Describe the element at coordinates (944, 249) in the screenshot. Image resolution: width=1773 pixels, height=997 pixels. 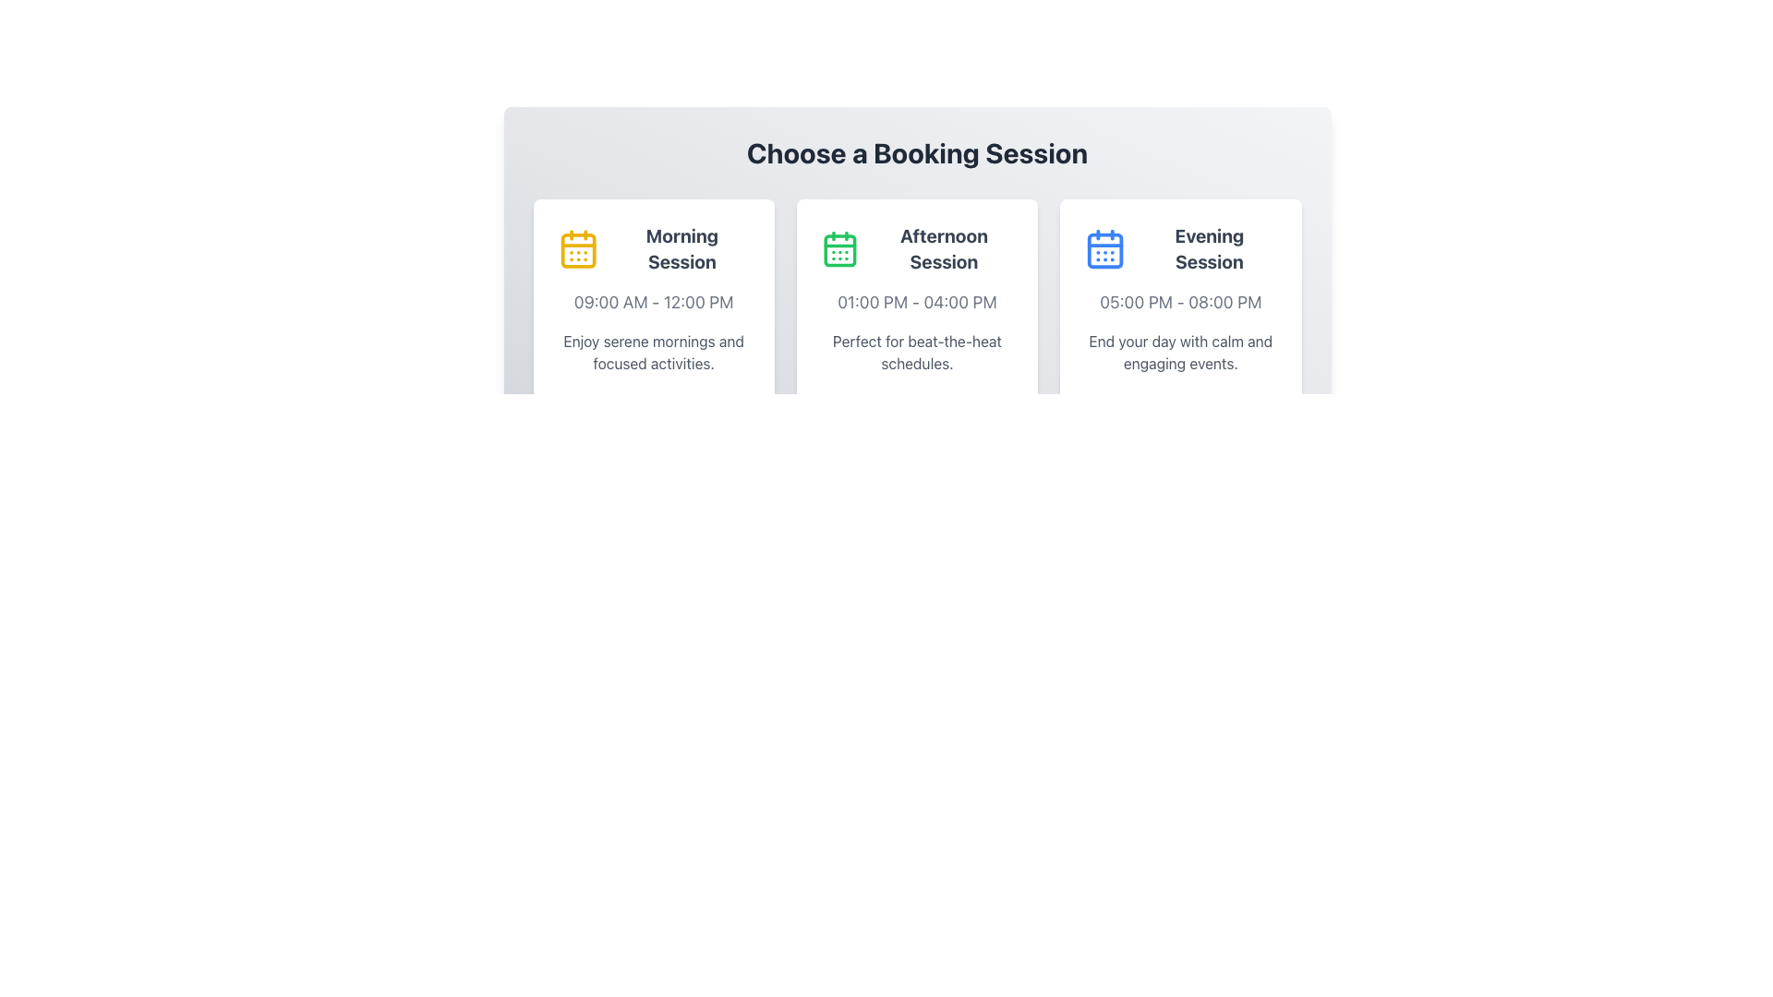
I see `the text label 'Afternoon Session' which is styled with a bold, large font size in gray color, located in the middle card of a three-card layout` at that location.